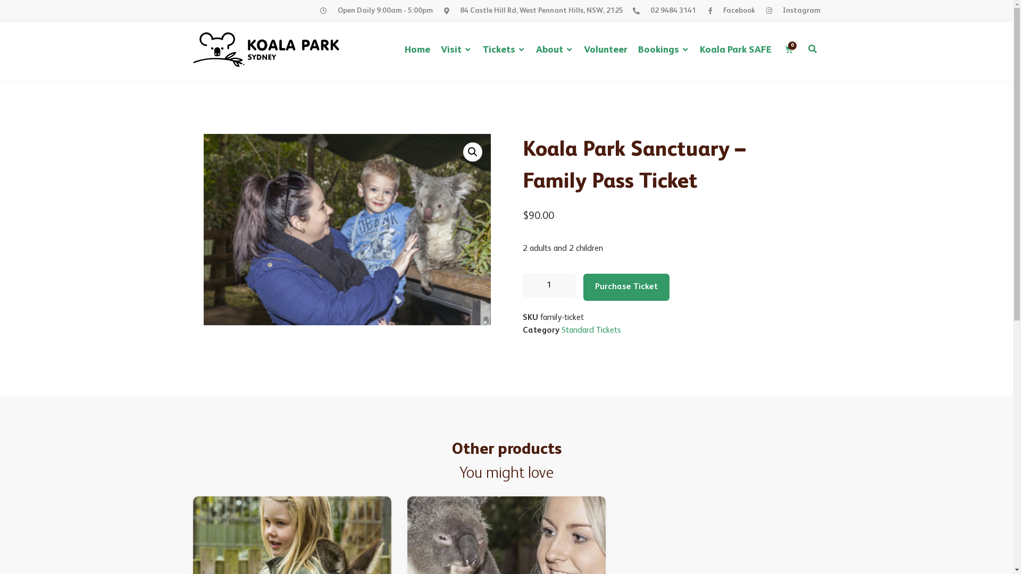 The height and width of the screenshot is (574, 1021). I want to click on 'Facebook', so click(729, 11).